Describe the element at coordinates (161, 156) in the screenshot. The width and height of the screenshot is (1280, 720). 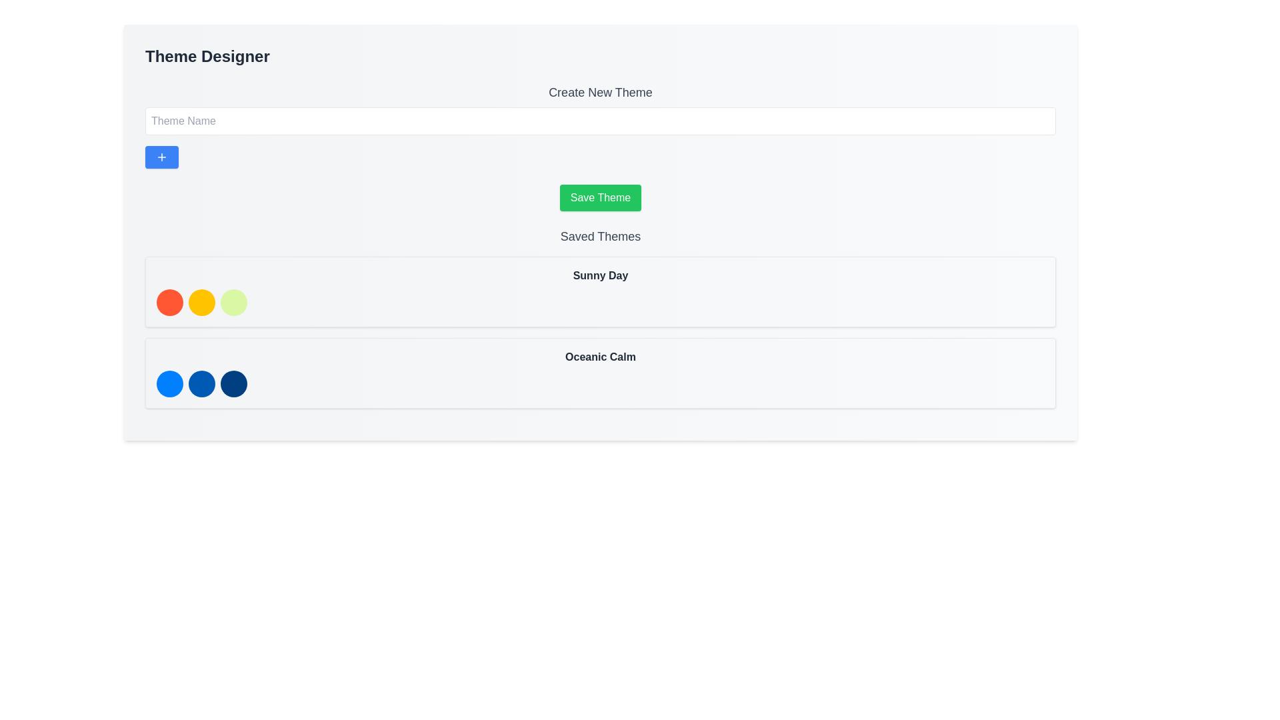
I see `the button located in the top-left section of the interface, next to the input field labeled 'Theme Name'` at that location.